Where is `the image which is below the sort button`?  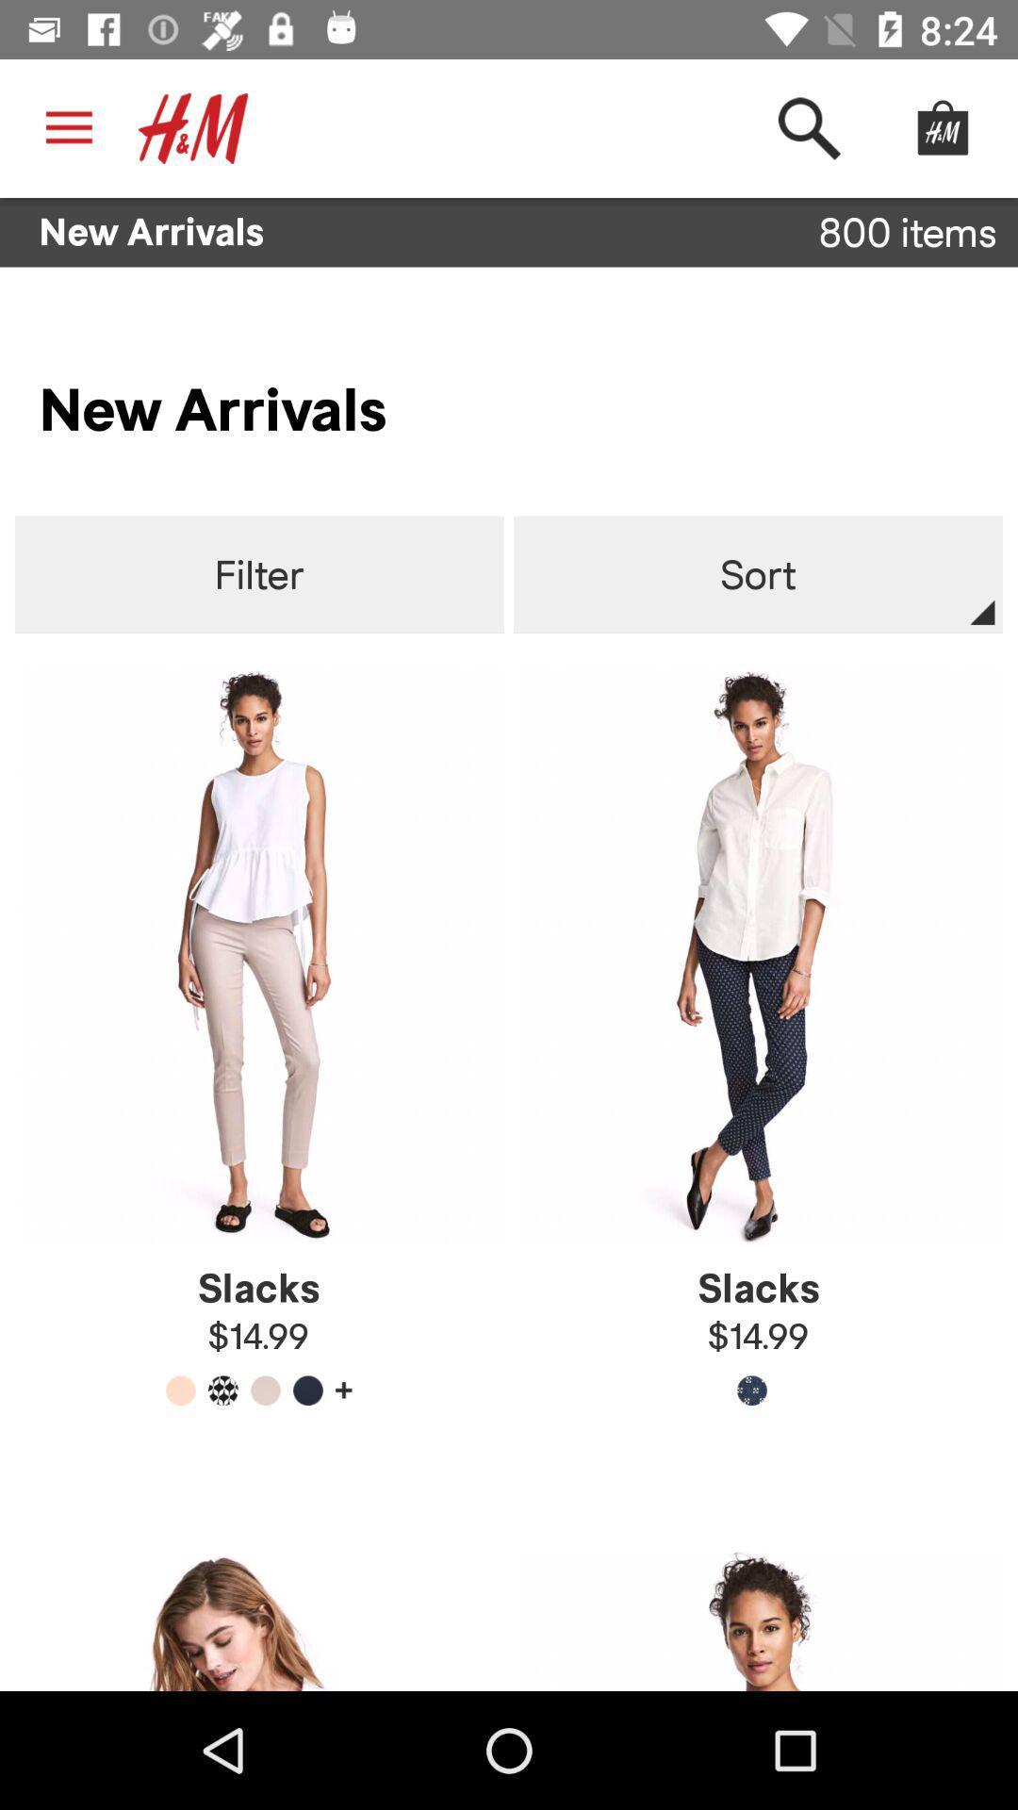
the image which is below the sort button is located at coordinates (758, 955).